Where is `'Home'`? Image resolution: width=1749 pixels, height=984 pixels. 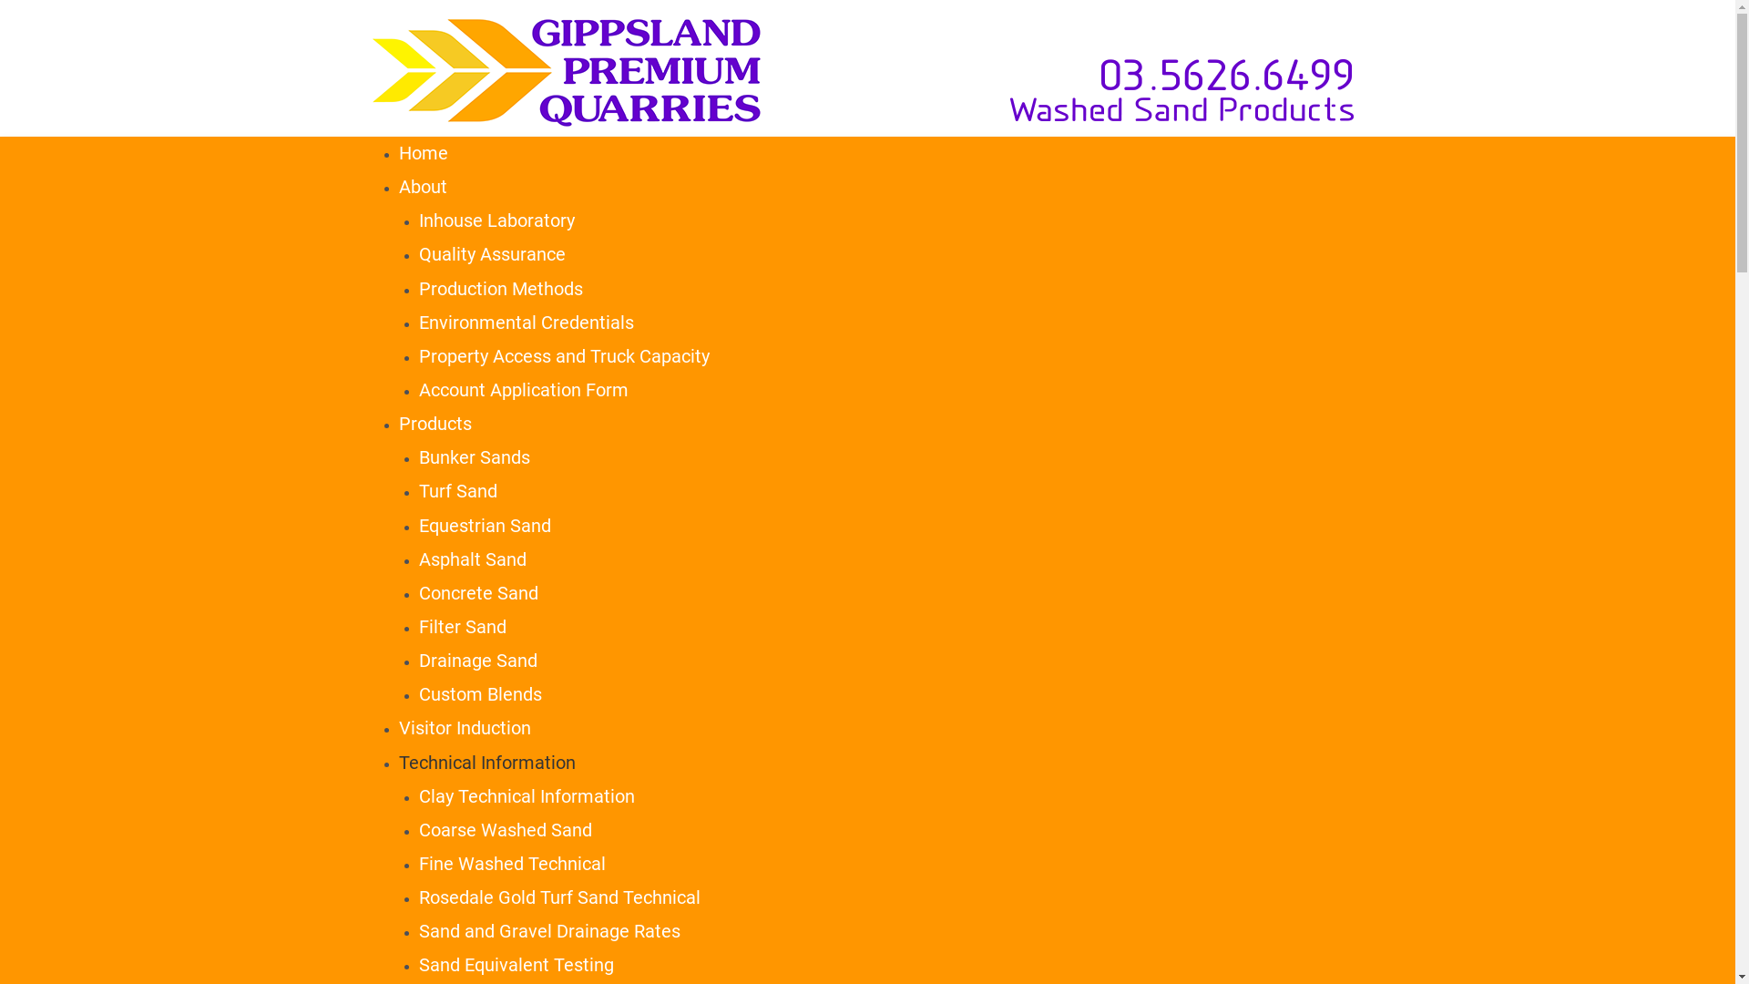 'Home' is located at coordinates (397, 152).